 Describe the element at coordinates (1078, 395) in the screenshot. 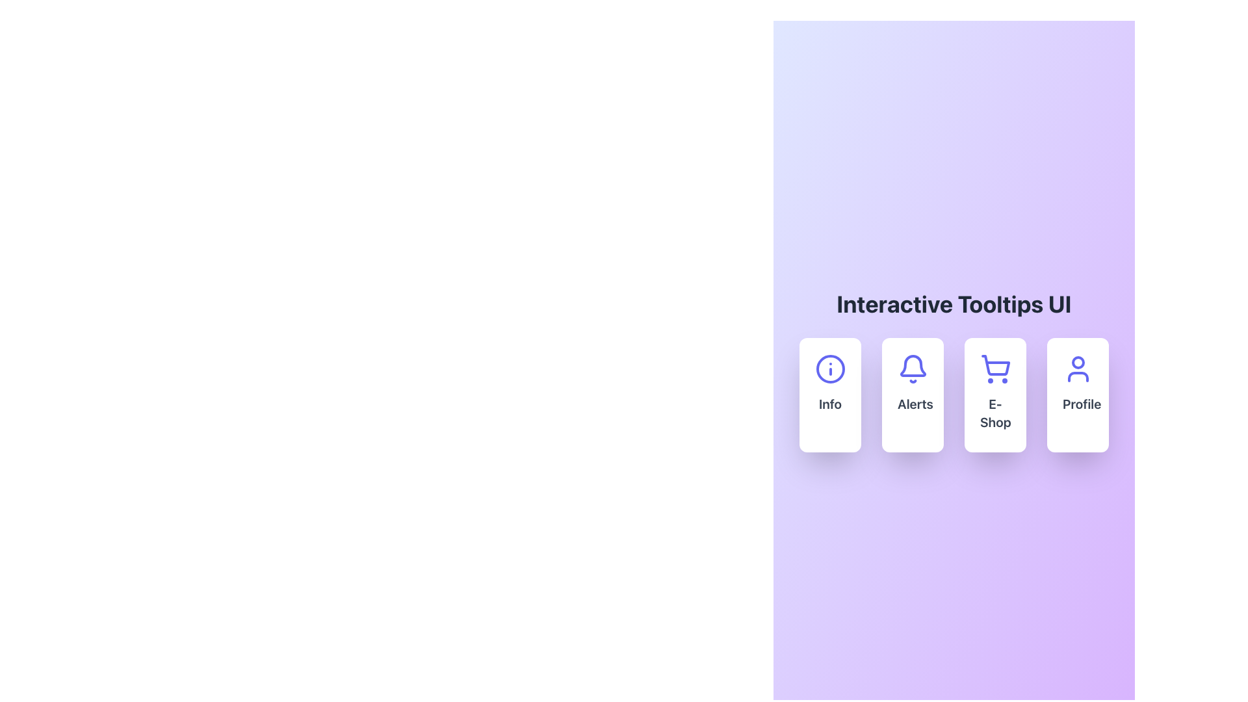

I see `the fourth card in the horizontal grid layout, which has a white background, rounded corners, and contains a blue user icon and the text 'Profile'` at that location.